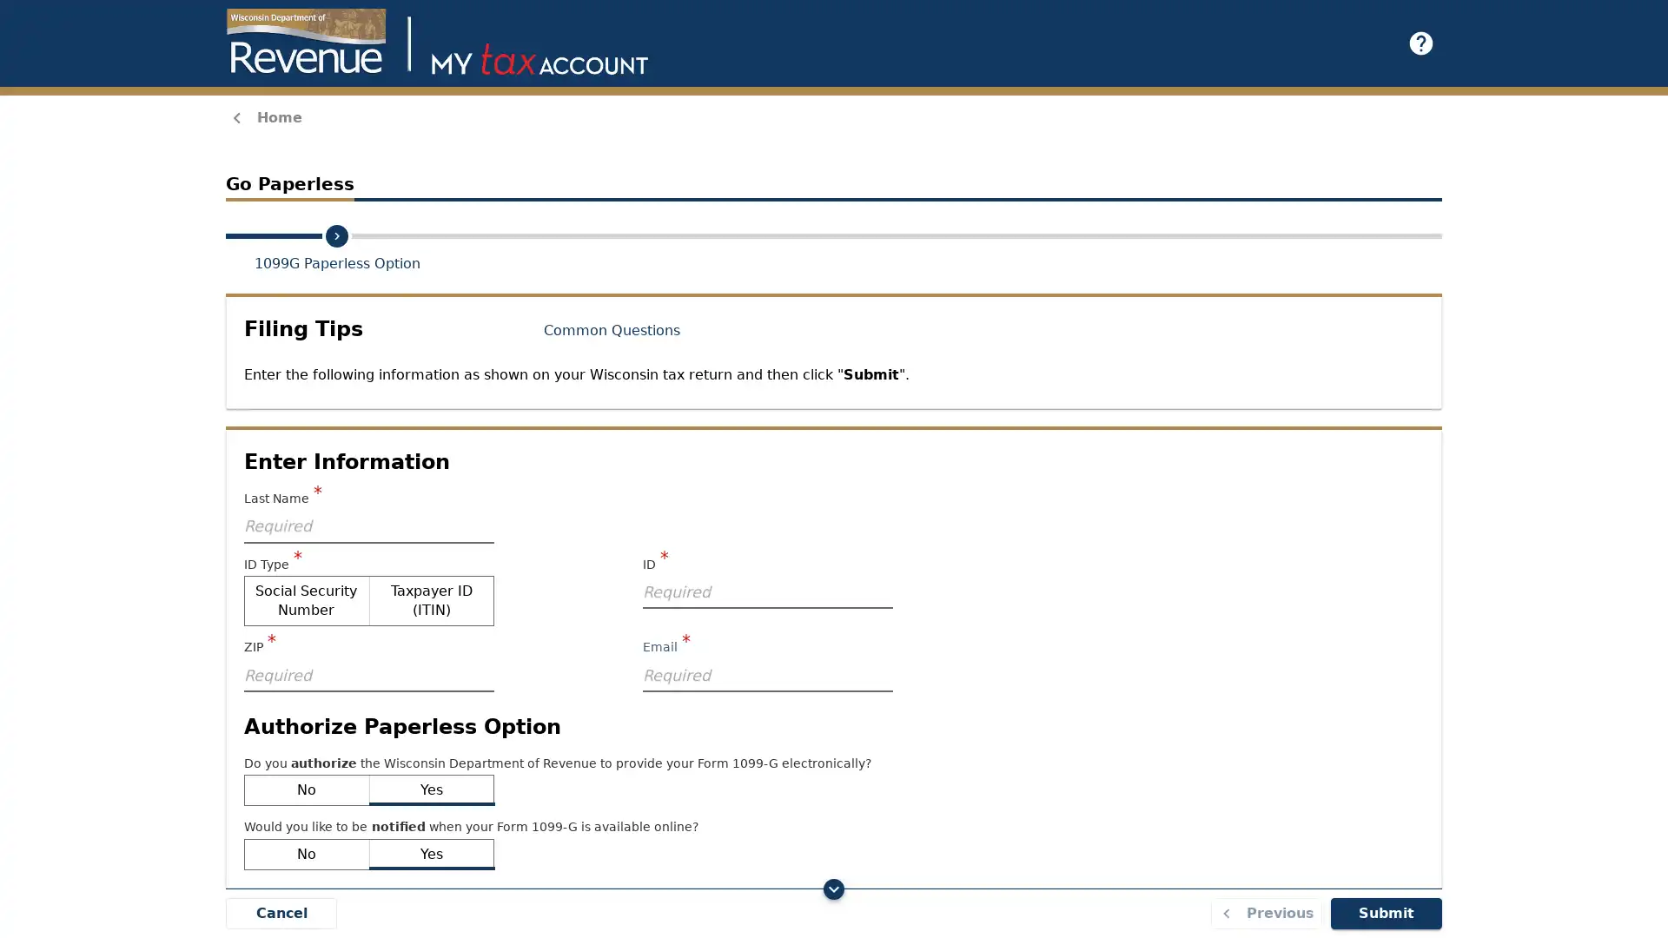 This screenshot has width=1668, height=938. I want to click on Cancel, so click(281, 912).